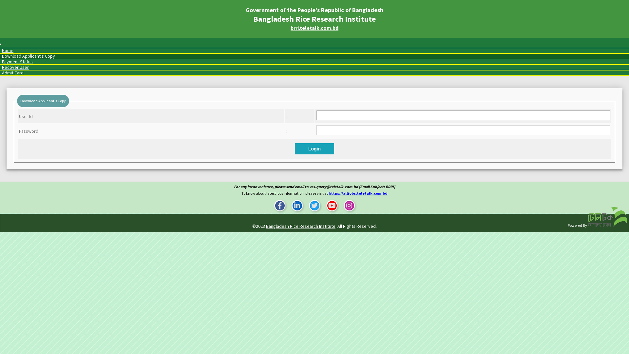  Describe the element at coordinates (17, 62) in the screenshot. I see `'Payment Status'` at that location.